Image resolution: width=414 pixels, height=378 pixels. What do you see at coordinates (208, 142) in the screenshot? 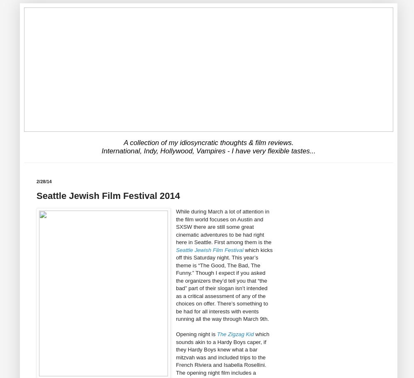
I see `'A collection of my idiosyncratic thoughts & film reviews.'` at bounding box center [208, 142].